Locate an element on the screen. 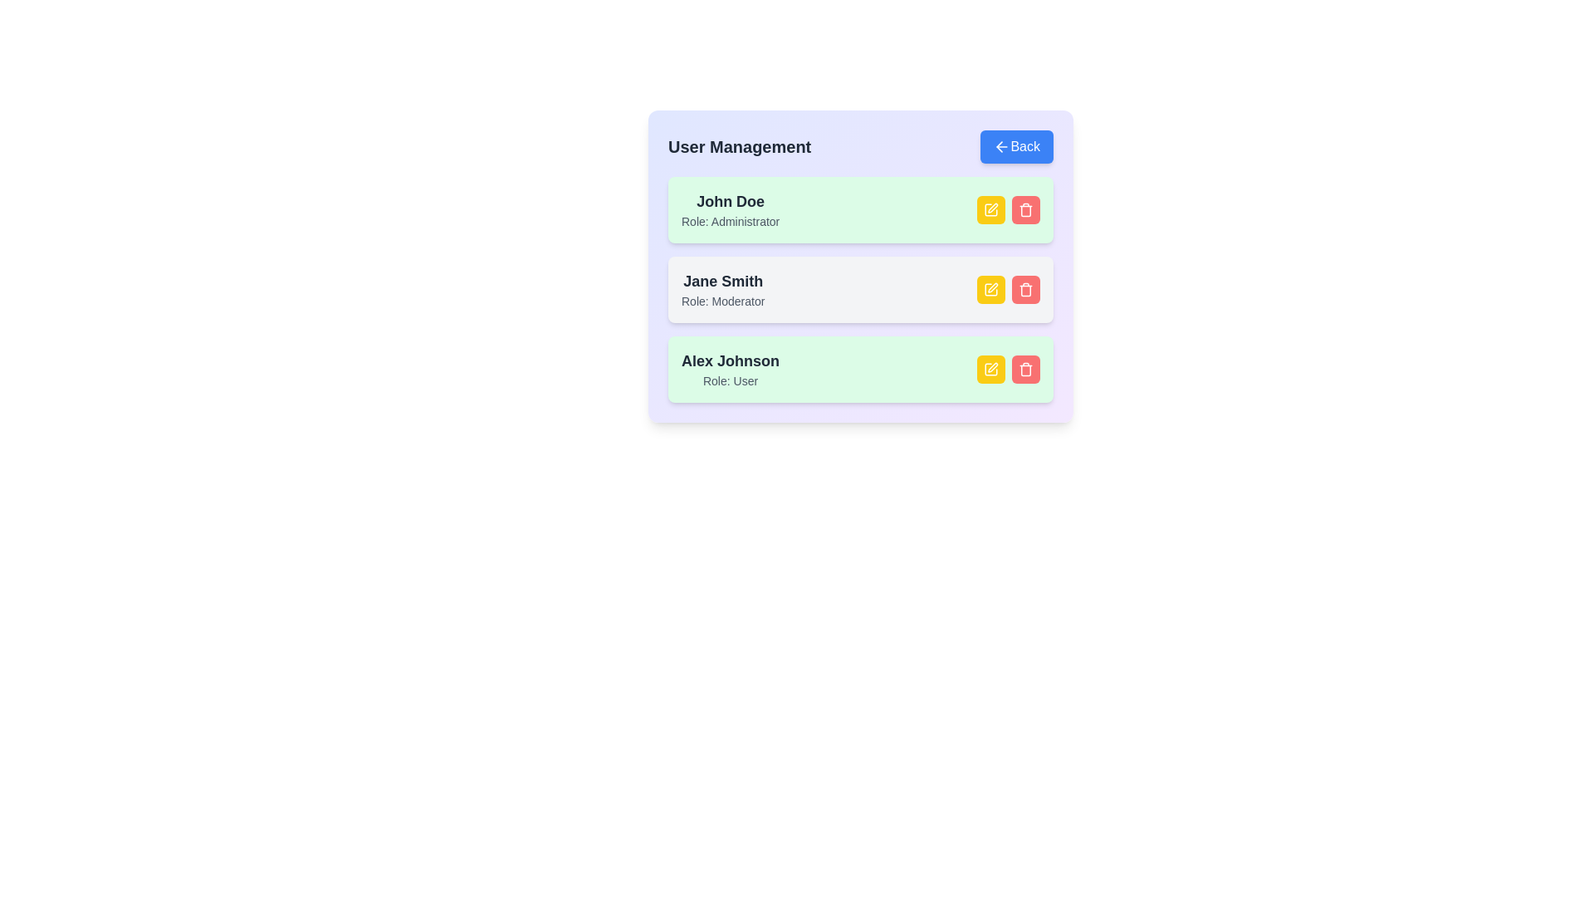 The image size is (1594, 897). edit button for the user identified by Alex Johnson is located at coordinates (991, 368).